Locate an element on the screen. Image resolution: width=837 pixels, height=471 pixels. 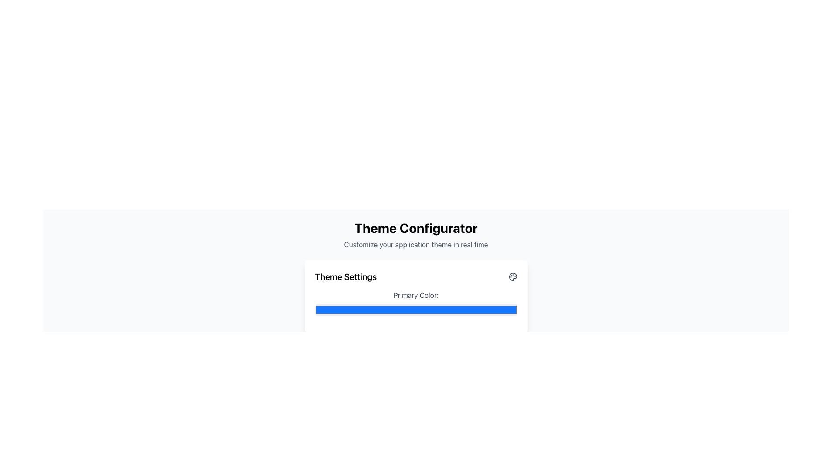
SVG icon representing a palette located in the top-right side of the 'Theme Settings' card by clicking on it is located at coordinates (513, 277).